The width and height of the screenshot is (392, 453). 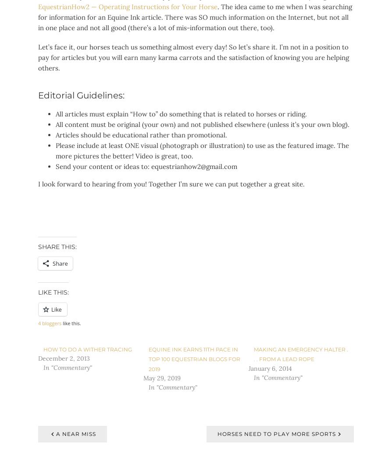 I want to click on 'Horses need to play more sports', so click(x=276, y=433).